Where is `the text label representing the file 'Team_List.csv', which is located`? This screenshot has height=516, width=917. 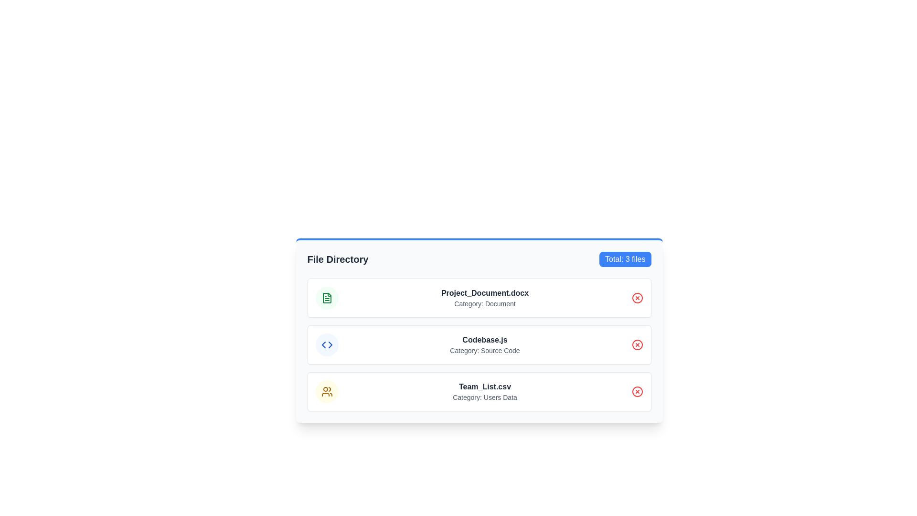
the text label representing the file 'Team_List.csv', which is located is located at coordinates (485, 387).